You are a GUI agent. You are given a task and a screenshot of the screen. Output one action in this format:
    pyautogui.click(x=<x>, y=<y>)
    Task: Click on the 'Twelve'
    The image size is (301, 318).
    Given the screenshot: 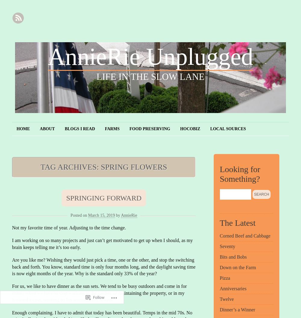 What is the action you would take?
    pyautogui.click(x=219, y=299)
    